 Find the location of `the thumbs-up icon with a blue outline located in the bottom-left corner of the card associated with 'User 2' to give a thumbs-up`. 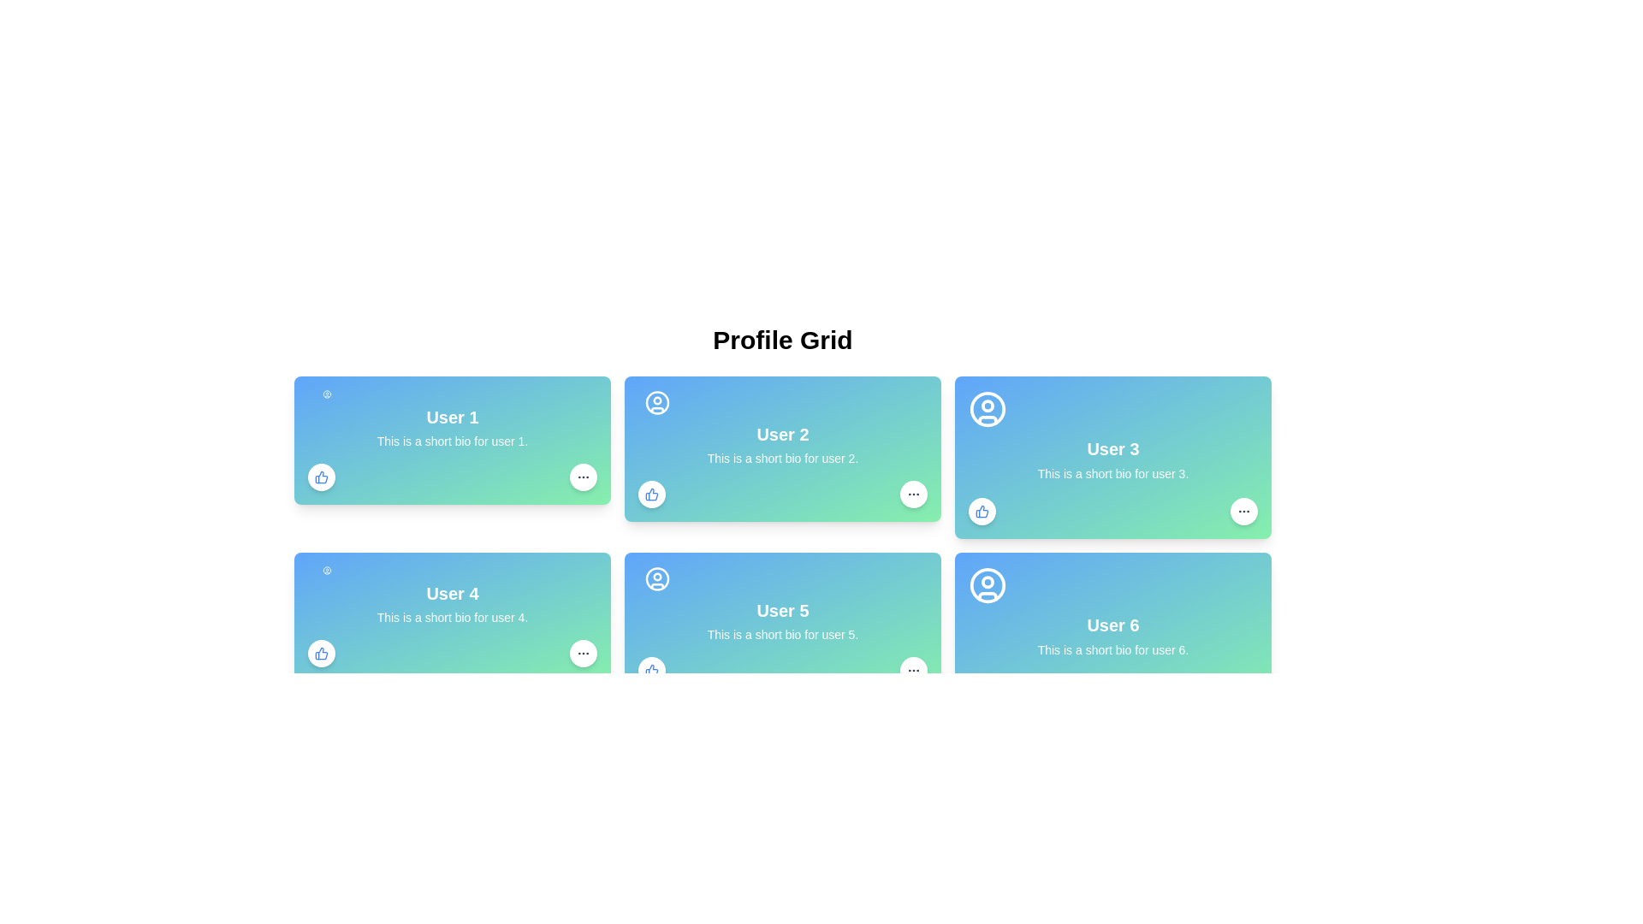

the thumbs-up icon with a blue outline located in the bottom-left corner of the card associated with 'User 2' to give a thumbs-up is located at coordinates (982, 510).